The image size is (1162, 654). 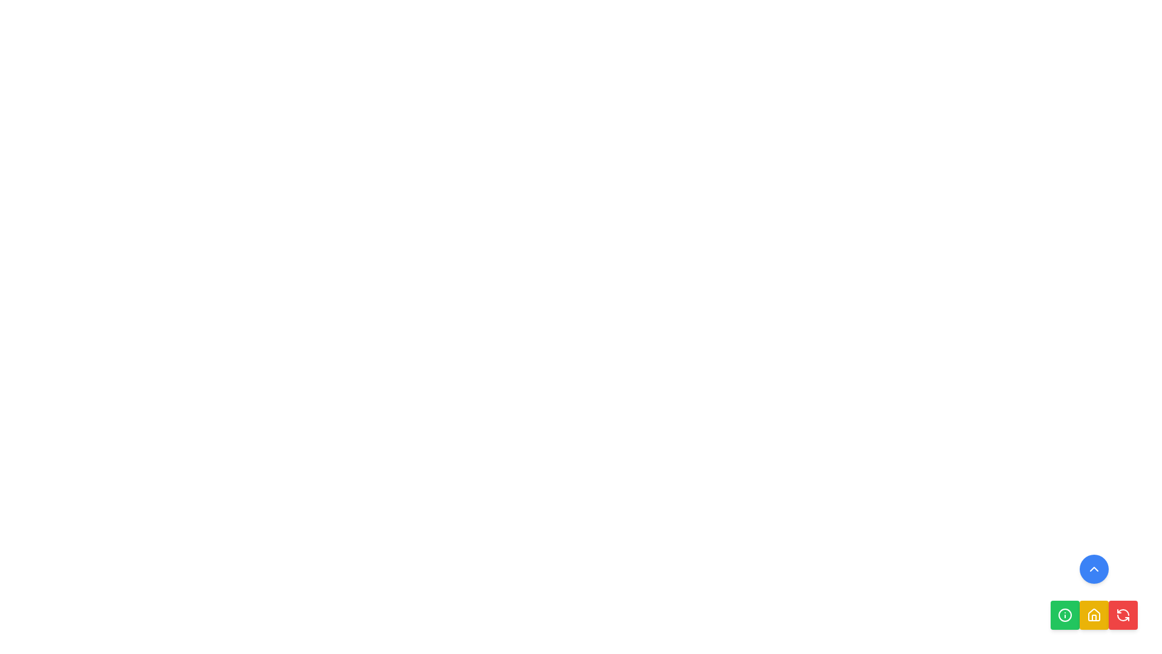 What do you see at coordinates (1065, 615) in the screenshot?
I see `the leftmost button in the bottom-right corner of the interface` at bounding box center [1065, 615].